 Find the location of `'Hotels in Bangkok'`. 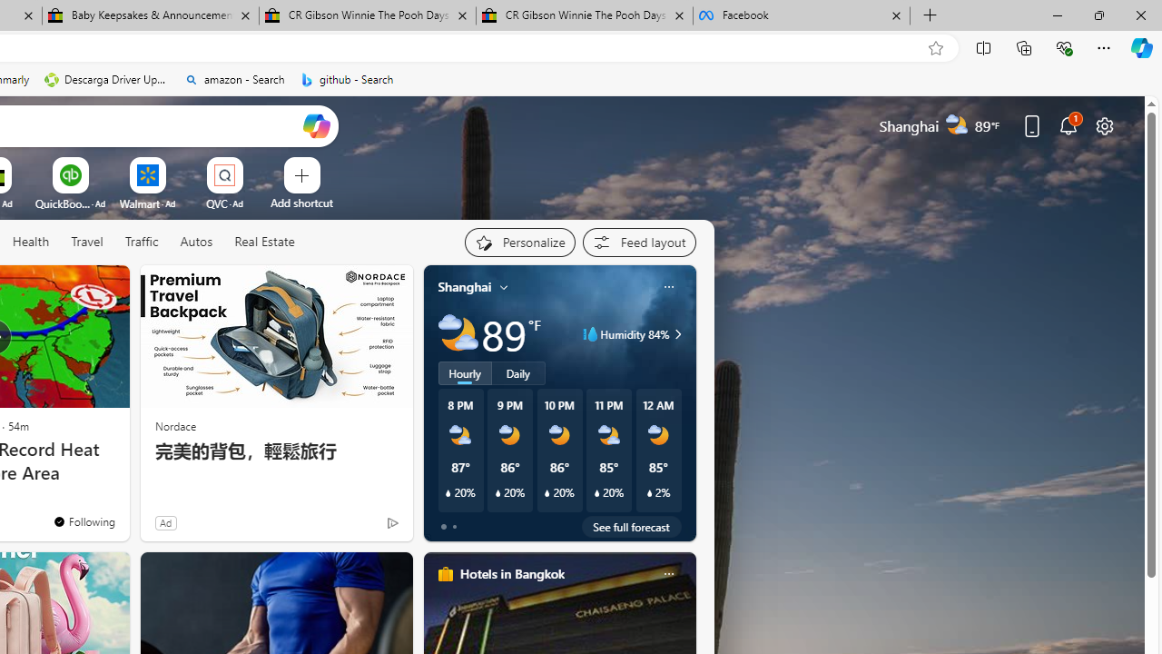

'Hotels in Bangkok' is located at coordinates (510, 573).